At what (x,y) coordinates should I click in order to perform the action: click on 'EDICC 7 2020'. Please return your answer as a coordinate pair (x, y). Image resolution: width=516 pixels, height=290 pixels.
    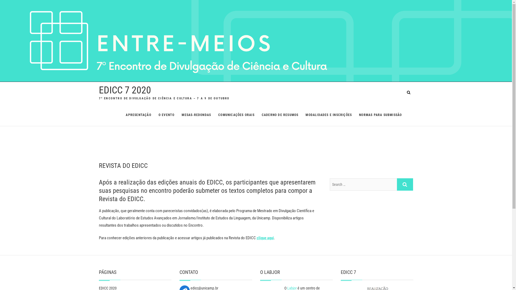
    Looking at the image, I should click on (125, 90).